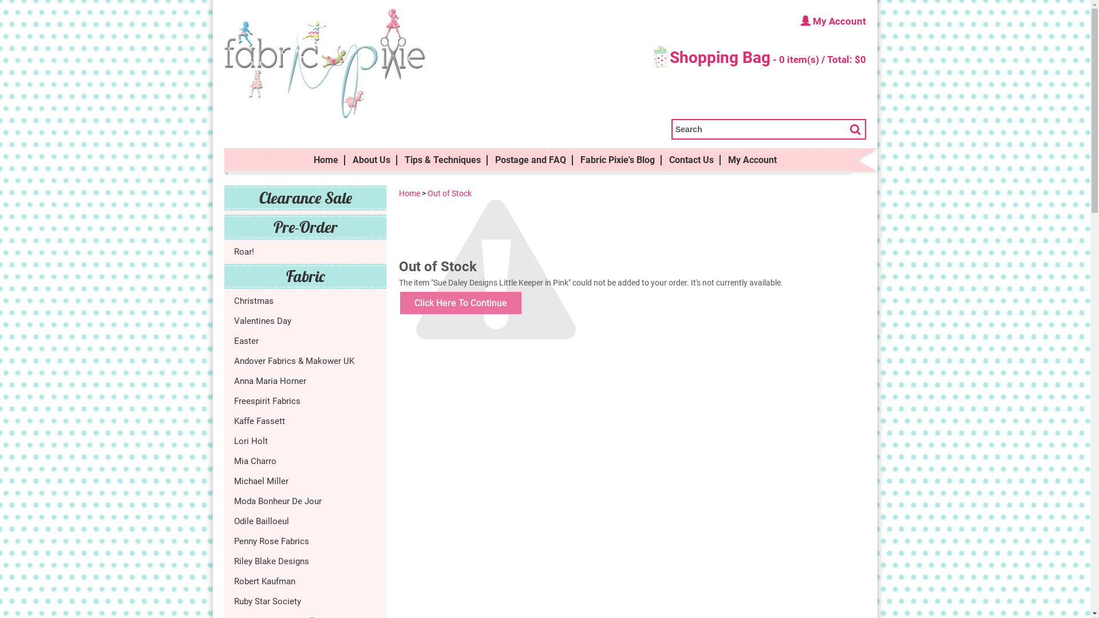  I want to click on 'Out of Stock', so click(449, 193).